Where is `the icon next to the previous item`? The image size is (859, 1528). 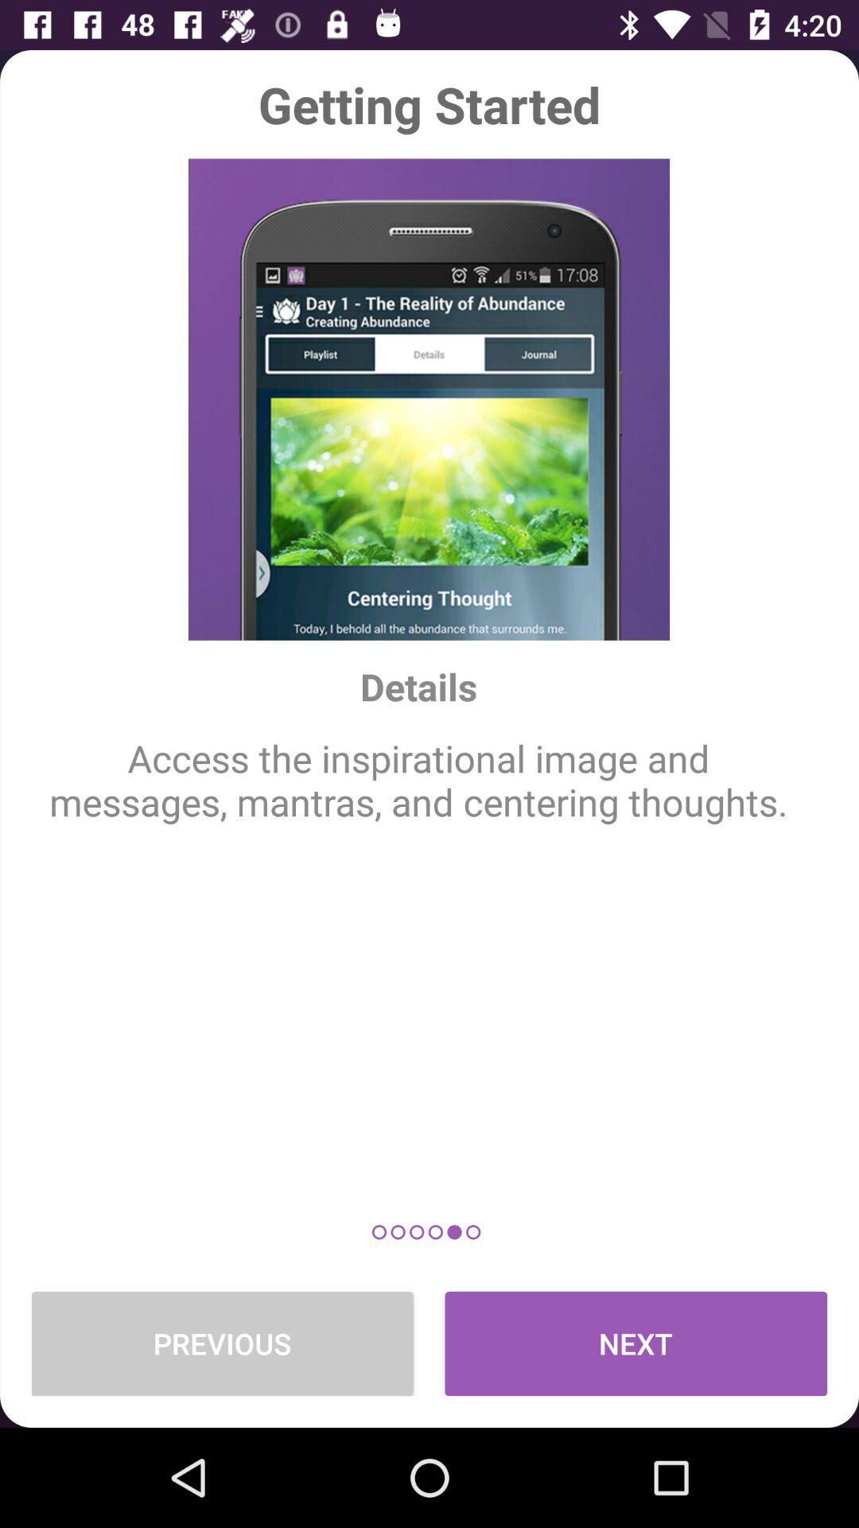
the icon next to the previous item is located at coordinates (635, 1343).